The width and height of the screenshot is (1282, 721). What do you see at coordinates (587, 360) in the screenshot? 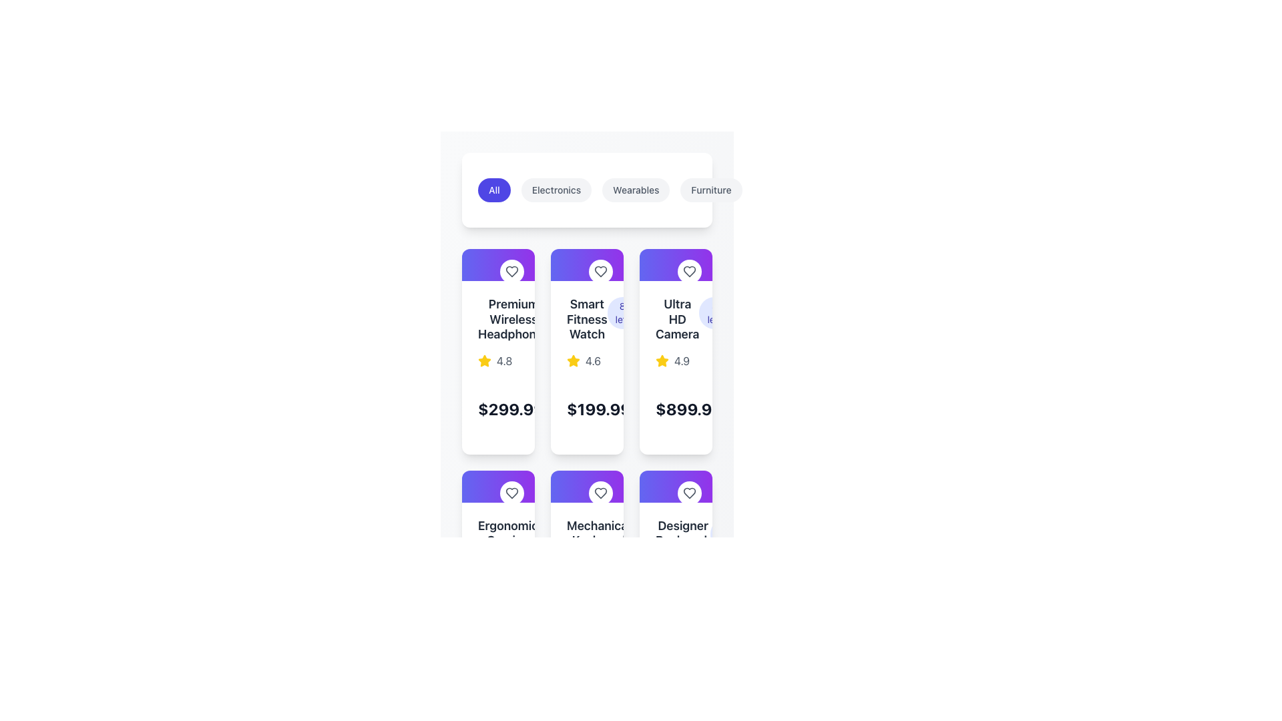
I see `average rating displayed for the 'Smart Fitness Watch' item, which is located in the middle of the card beneath the item's name and above its price` at bounding box center [587, 360].